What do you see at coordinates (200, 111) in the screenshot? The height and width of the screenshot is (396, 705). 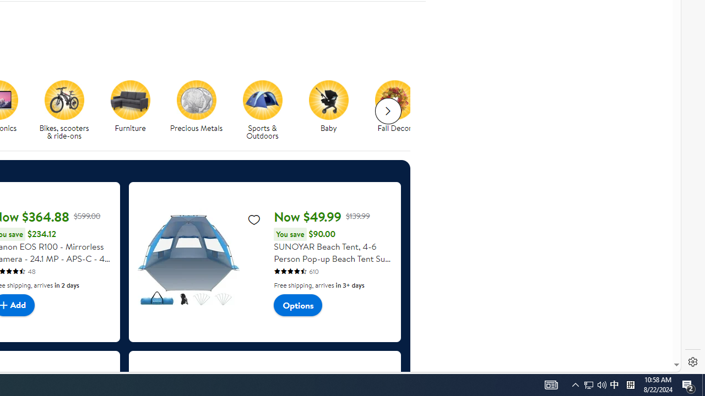 I see `'Precious Metals'` at bounding box center [200, 111].